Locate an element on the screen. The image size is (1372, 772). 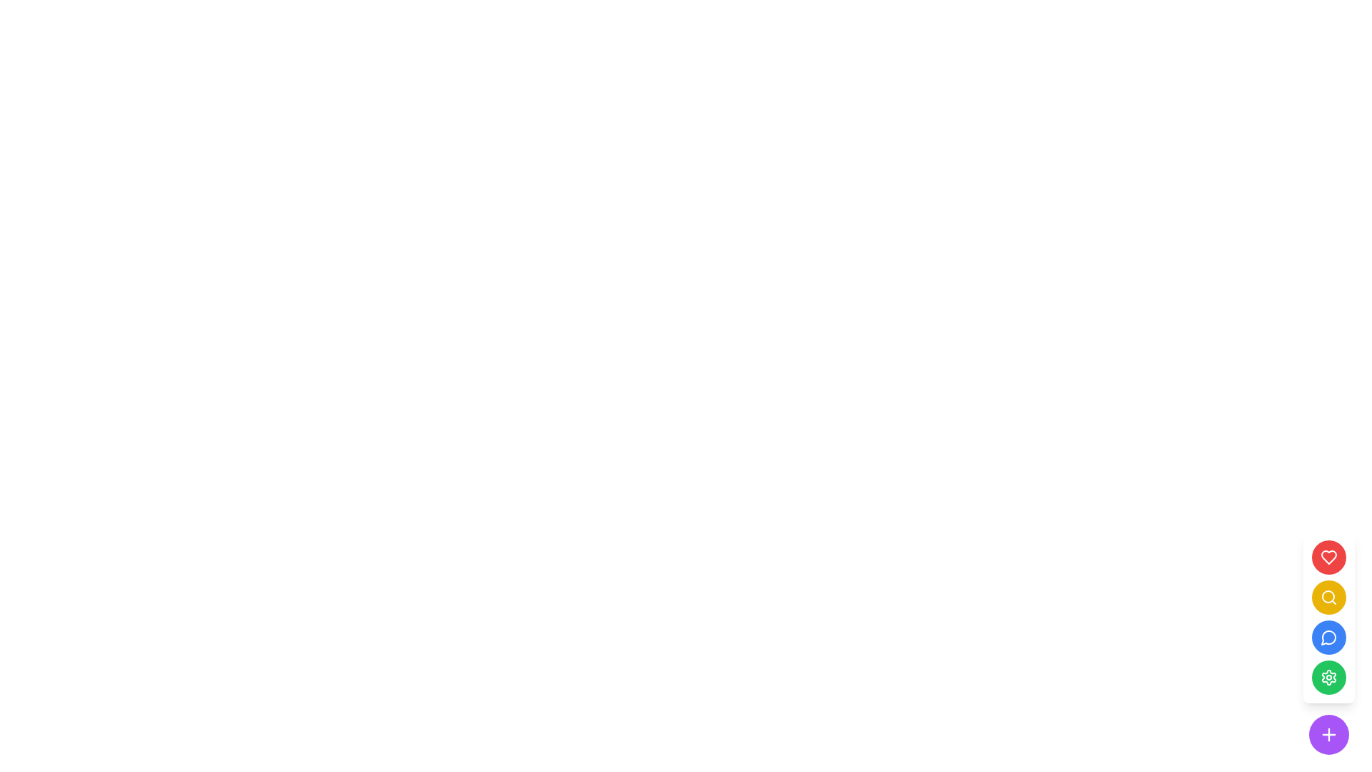
the heart icon button, which is styled with a red fill and is positioned at the top of a vertical stack of circular icons on the far right side of the interface is located at coordinates (1328, 556).